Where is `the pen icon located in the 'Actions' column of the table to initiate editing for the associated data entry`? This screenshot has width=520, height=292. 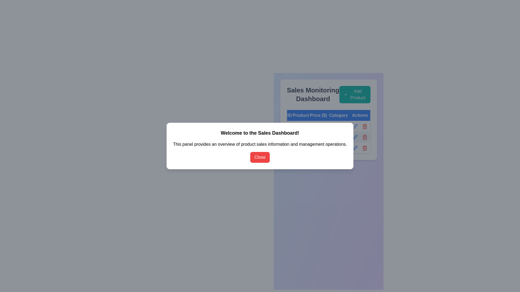 the pen icon located in the 'Actions' column of the table to initiate editing for the associated data entry is located at coordinates (355, 137).